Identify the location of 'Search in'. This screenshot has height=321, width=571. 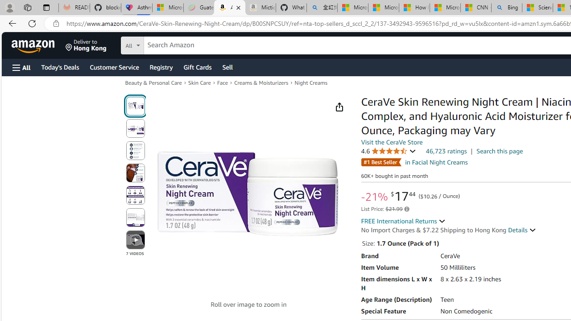
(166, 44).